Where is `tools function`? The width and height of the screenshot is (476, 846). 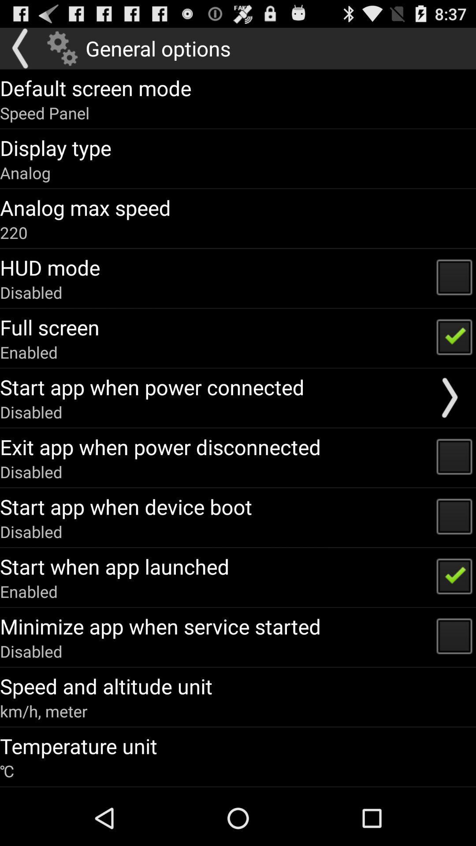 tools function is located at coordinates (62, 48).